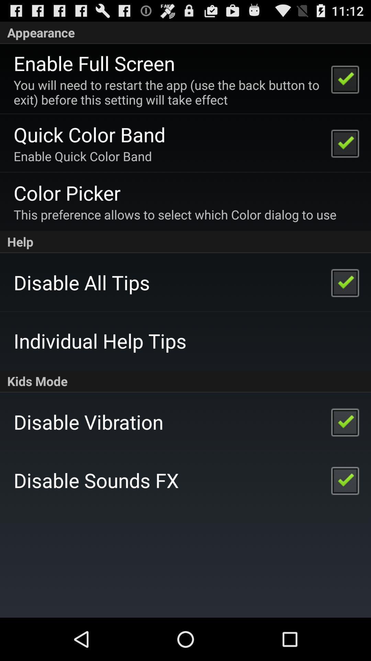  Describe the element at coordinates (96, 480) in the screenshot. I see `app below disable vibration icon` at that location.